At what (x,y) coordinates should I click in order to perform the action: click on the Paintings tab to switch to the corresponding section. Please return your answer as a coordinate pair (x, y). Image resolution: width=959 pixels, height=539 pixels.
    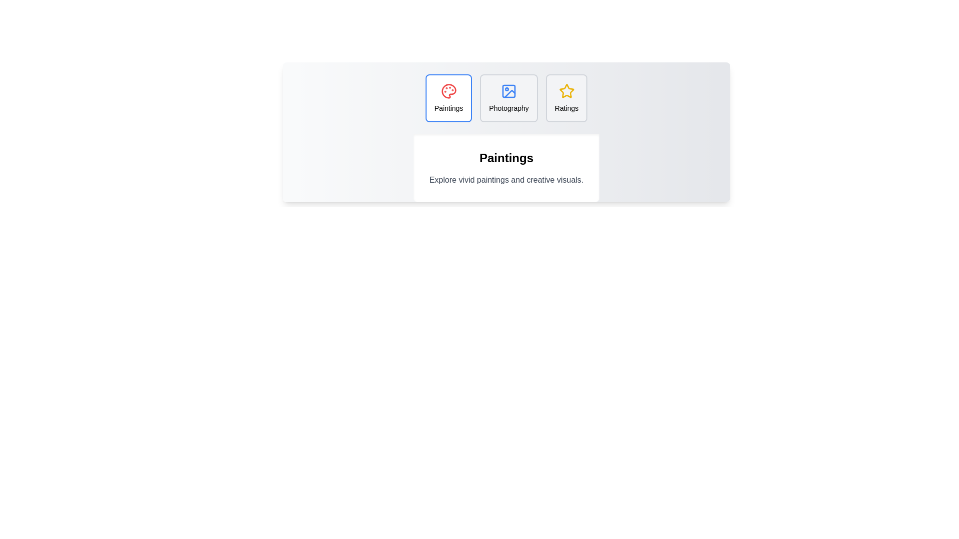
    Looking at the image, I should click on (448, 98).